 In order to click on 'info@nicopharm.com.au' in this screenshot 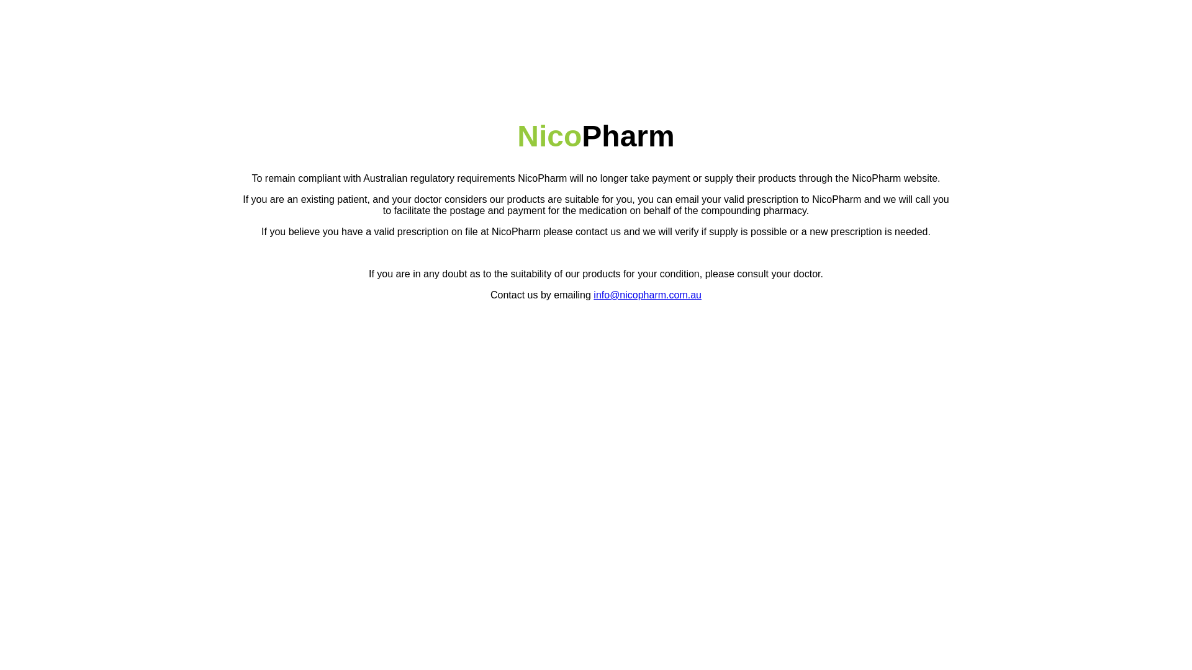, I will do `click(646, 295)`.